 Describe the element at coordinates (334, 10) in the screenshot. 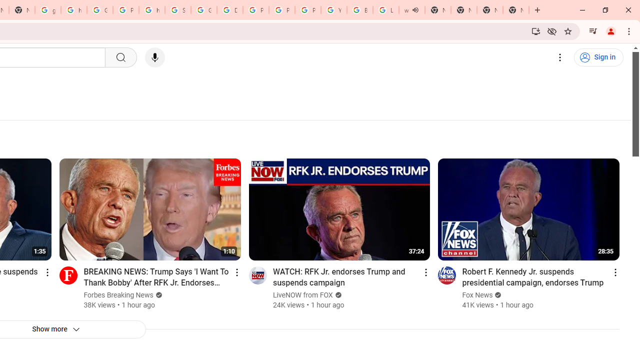

I see `'YouTube'` at that location.